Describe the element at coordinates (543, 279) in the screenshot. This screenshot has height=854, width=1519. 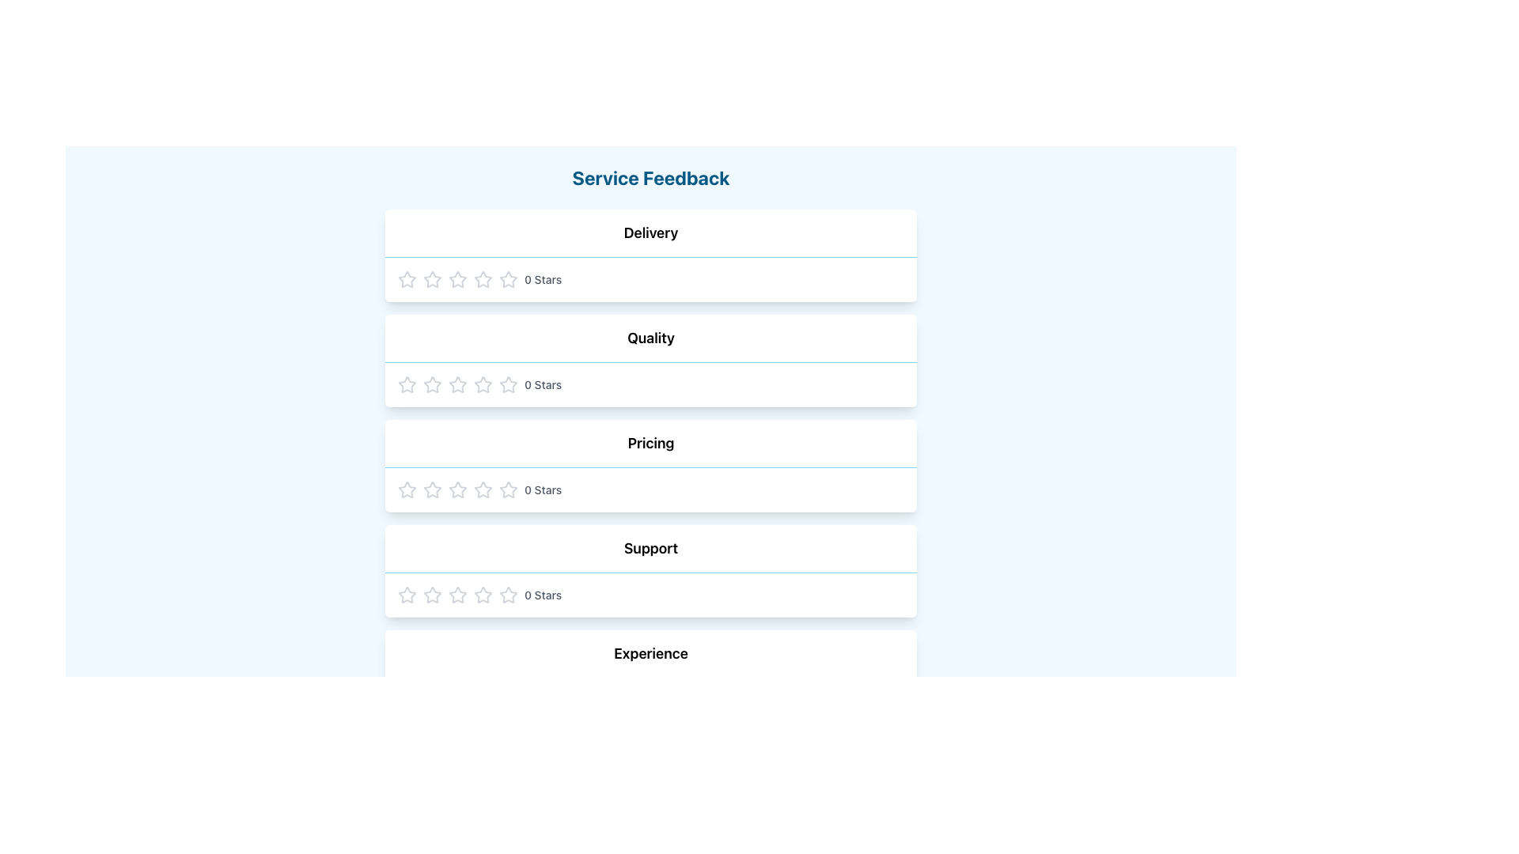
I see `the static text label indicating the current rating value of '0 Stars', located in the 'Delivery' section of the feedback form` at that location.